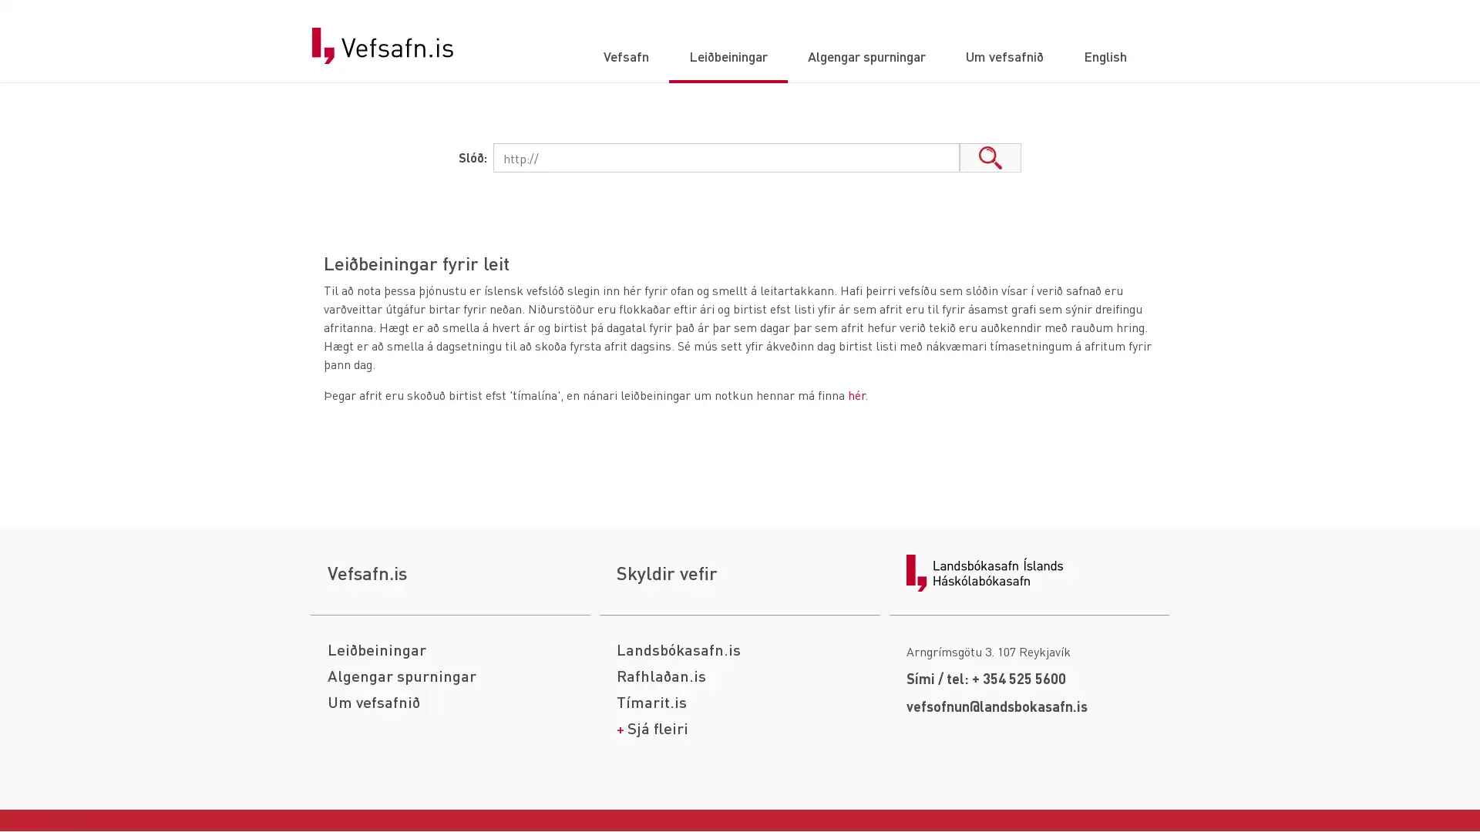 The height and width of the screenshot is (832, 1480). I want to click on Leita, so click(991, 157).